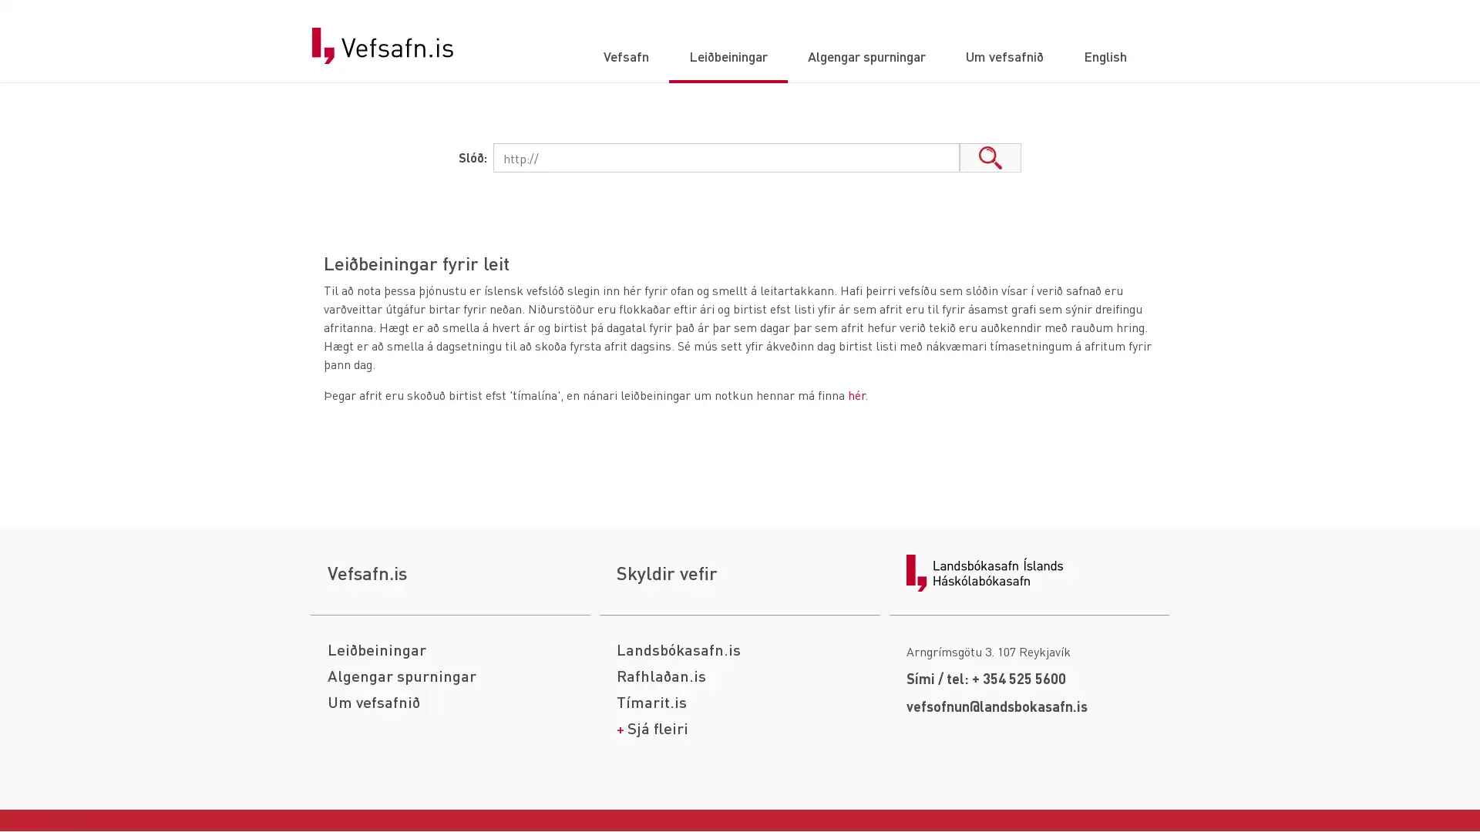 The height and width of the screenshot is (832, 1480). I want to click on Leita, so click(991, 157).